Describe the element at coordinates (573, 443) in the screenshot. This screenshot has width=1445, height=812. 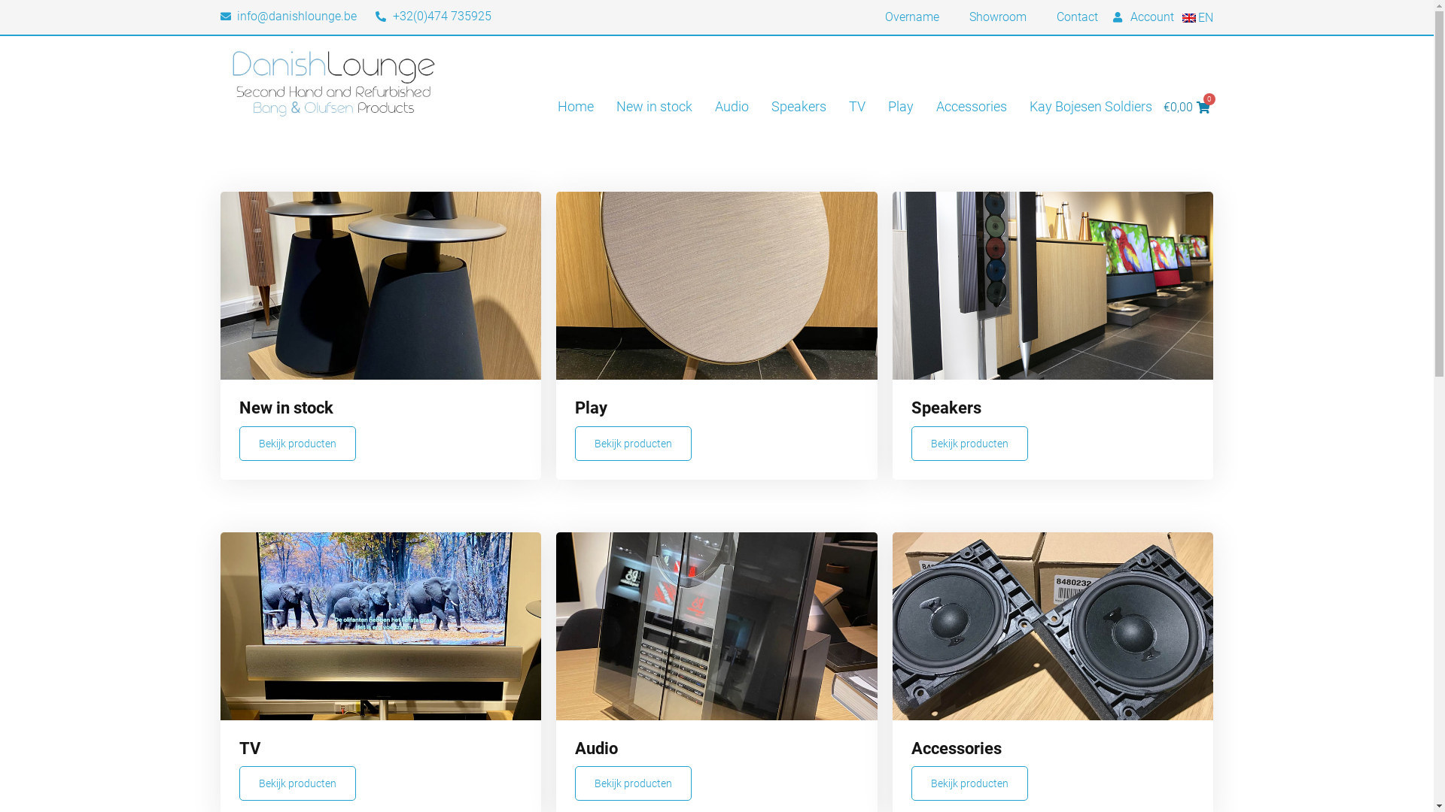
I see `'Bekijk producten'` at that location.